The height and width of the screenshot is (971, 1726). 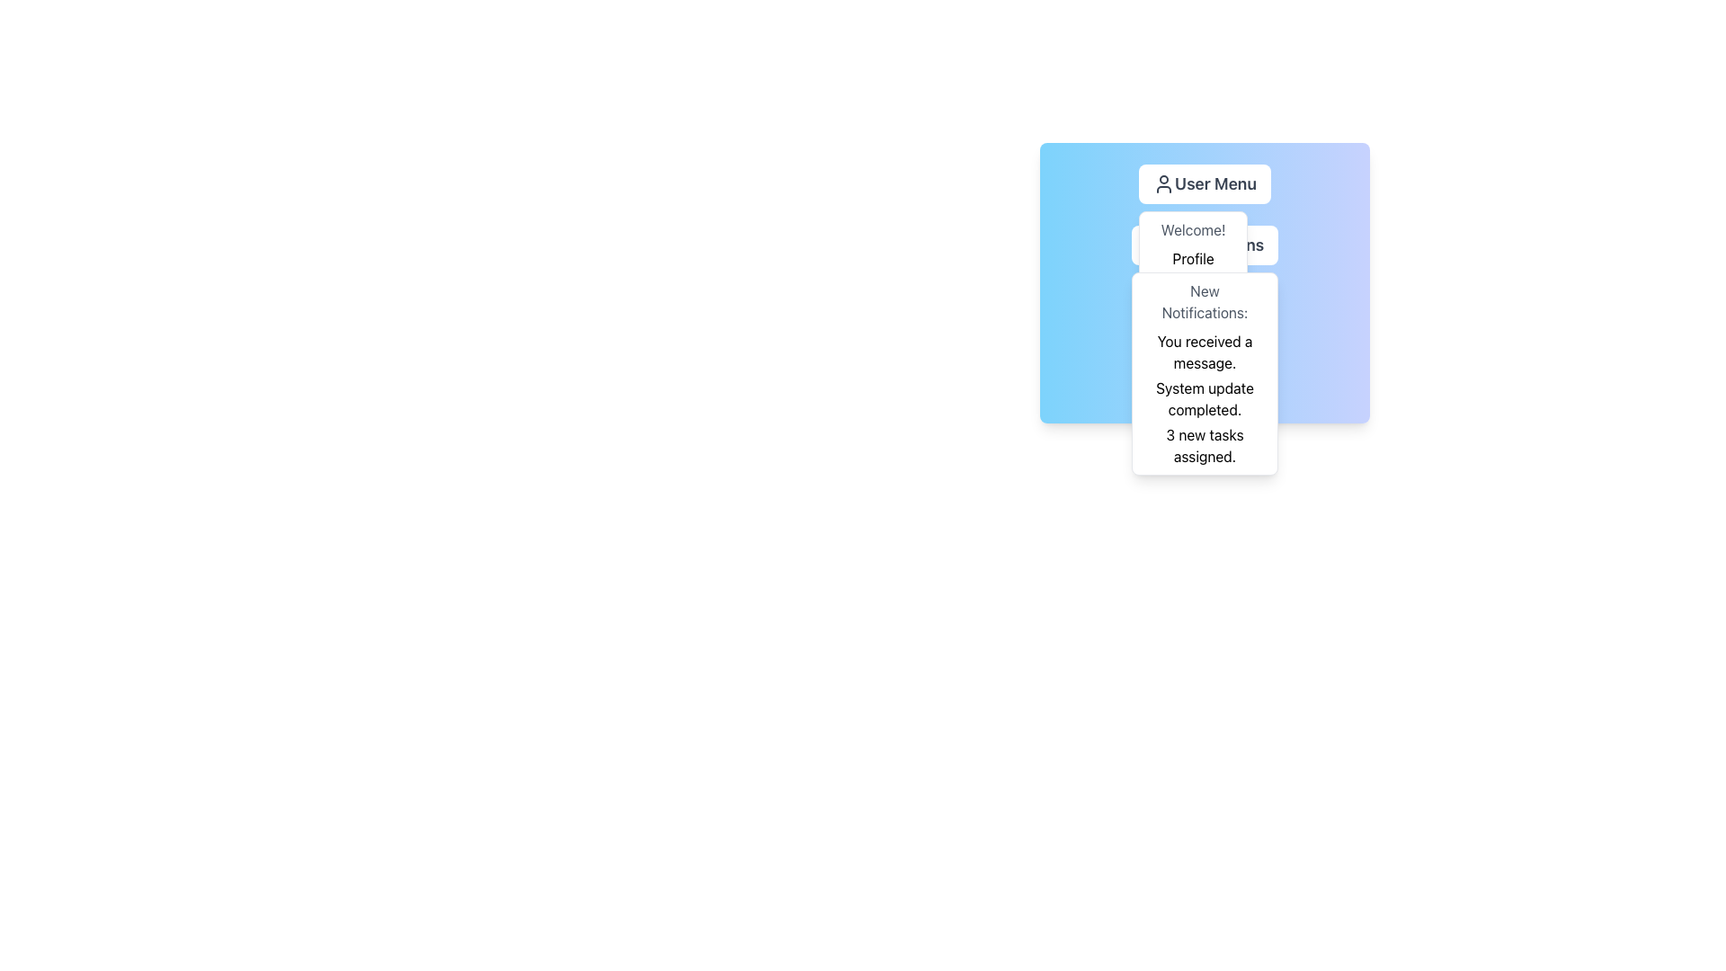 I want to click on the user icon, which is a circular head and semi-circular body styled in a stroke outline format, located to the left of the 'User Menu' label, so click(x=1164, y=183).